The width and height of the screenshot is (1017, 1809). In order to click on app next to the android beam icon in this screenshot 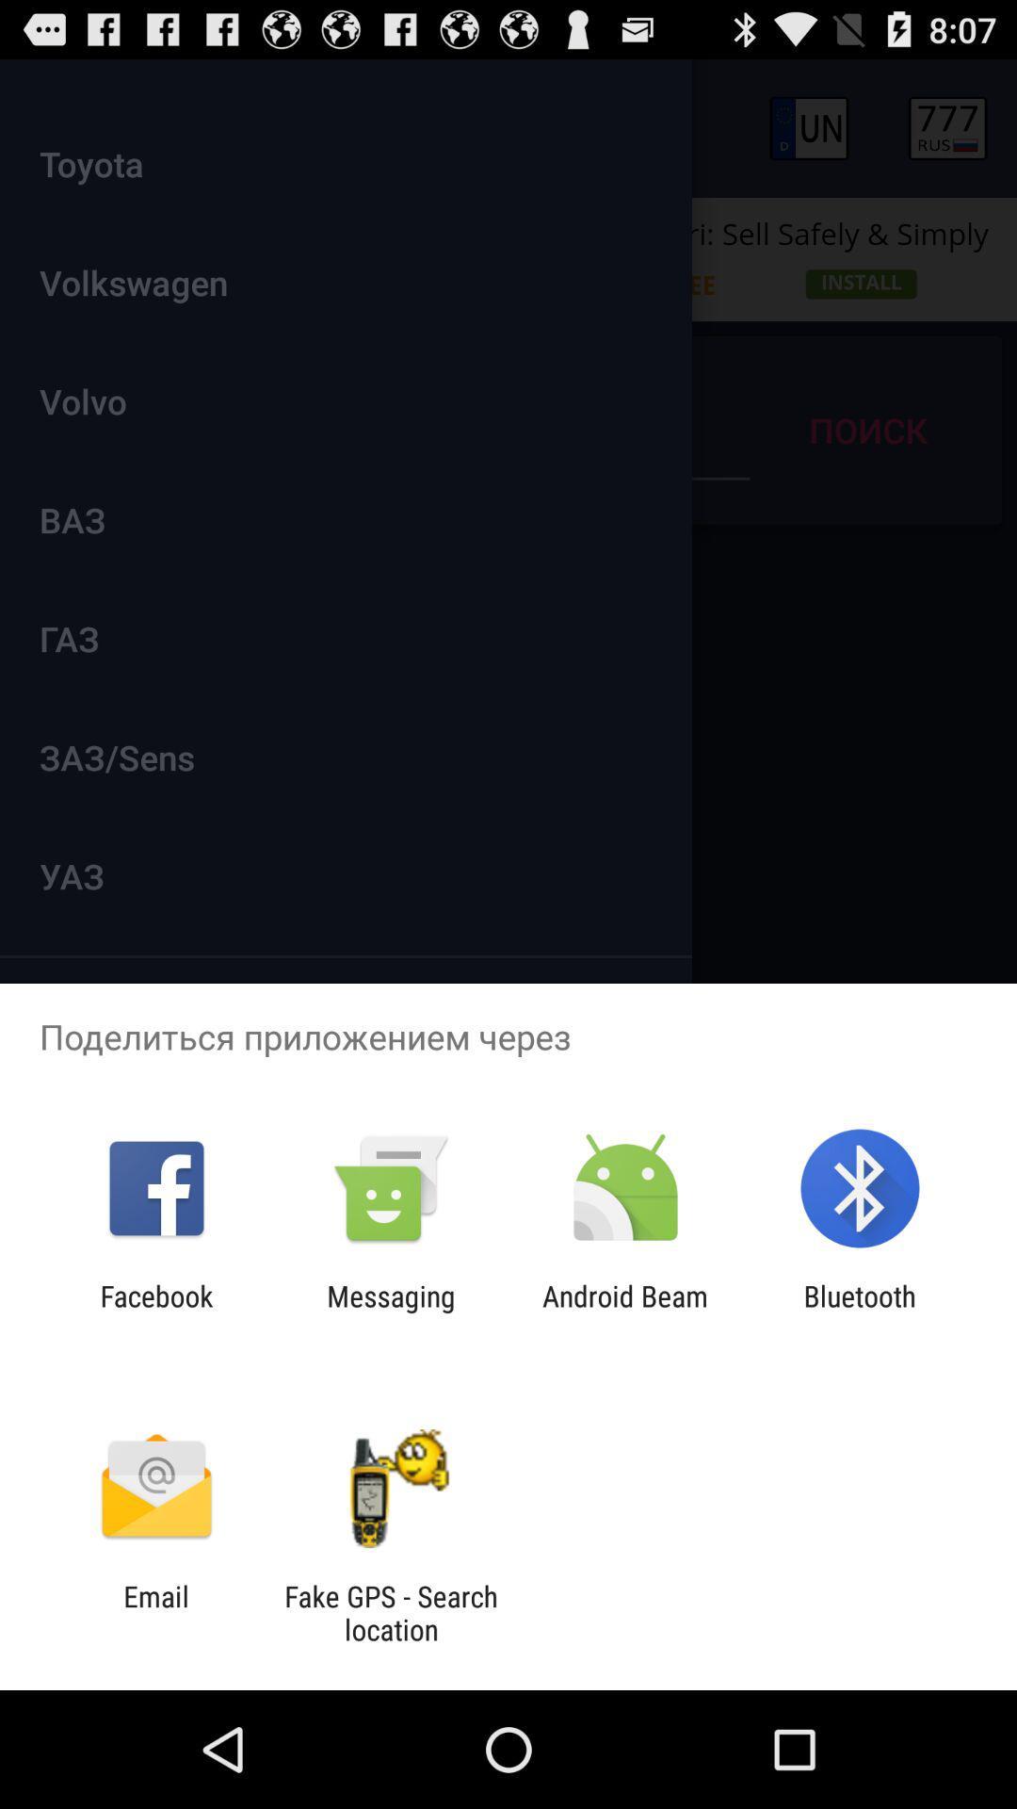, I will do `click(390, 1312)`.